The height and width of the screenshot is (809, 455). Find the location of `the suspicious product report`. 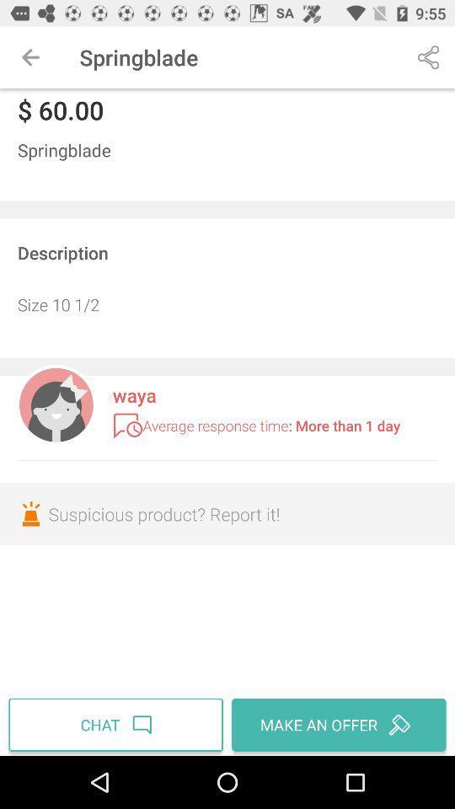

the suspicious product report is located at coordinates (227, 513).